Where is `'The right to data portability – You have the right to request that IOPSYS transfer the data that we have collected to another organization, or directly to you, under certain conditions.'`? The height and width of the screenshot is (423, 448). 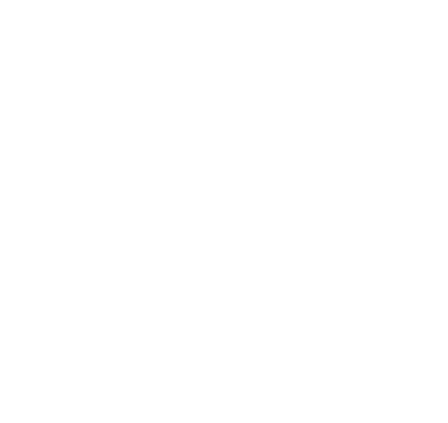
'The right to data portability – You have the right to request that IOPSYS transfer the data that we have collected to another organization, or directly to you, under certain conditions.' is located at coordinates (42, 133).